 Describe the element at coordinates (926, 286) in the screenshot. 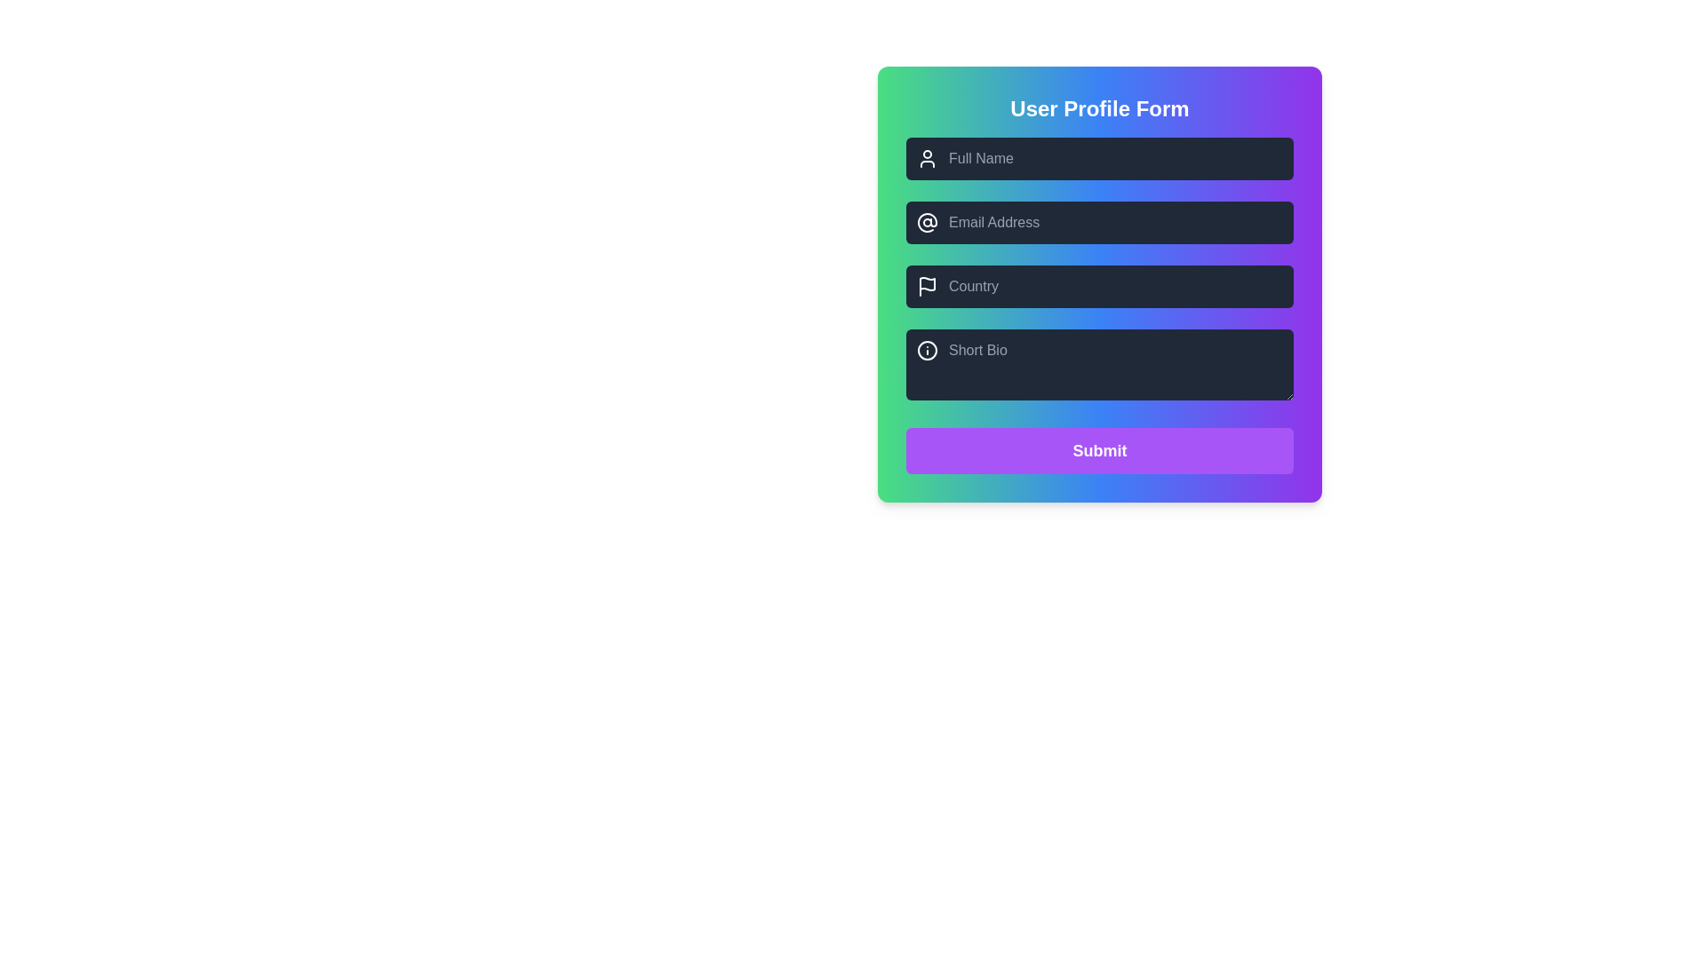

I see `the country icon located to the left of the 'Country' input field in the user profile form` at that location.